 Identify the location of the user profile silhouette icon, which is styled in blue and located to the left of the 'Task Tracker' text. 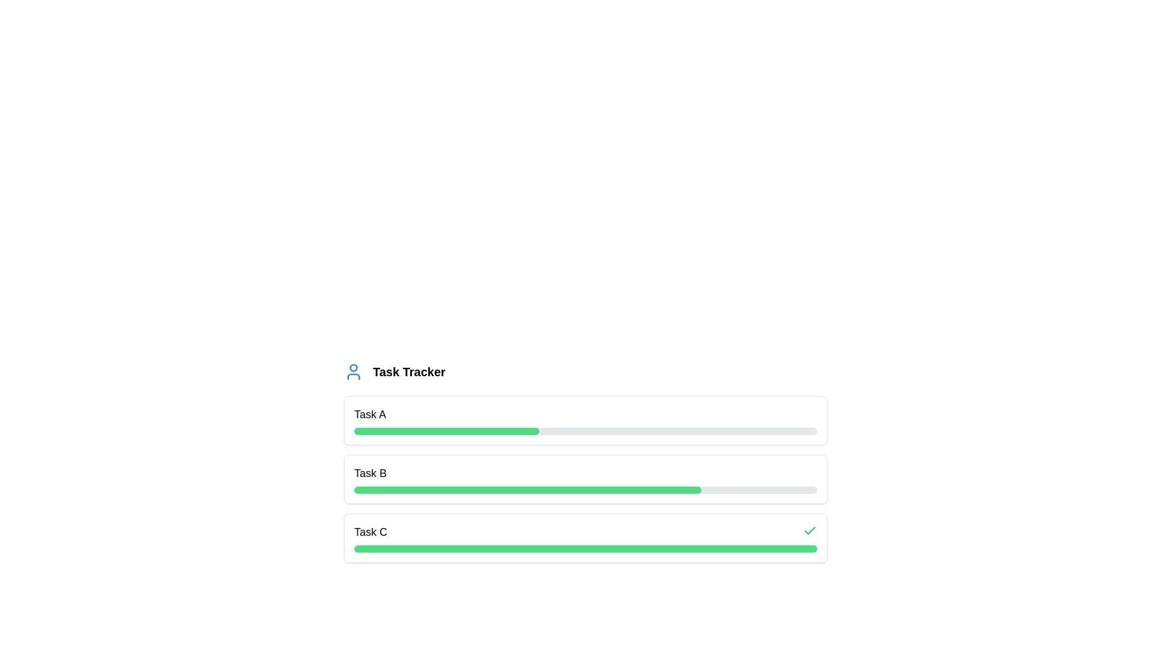
(353, 371).